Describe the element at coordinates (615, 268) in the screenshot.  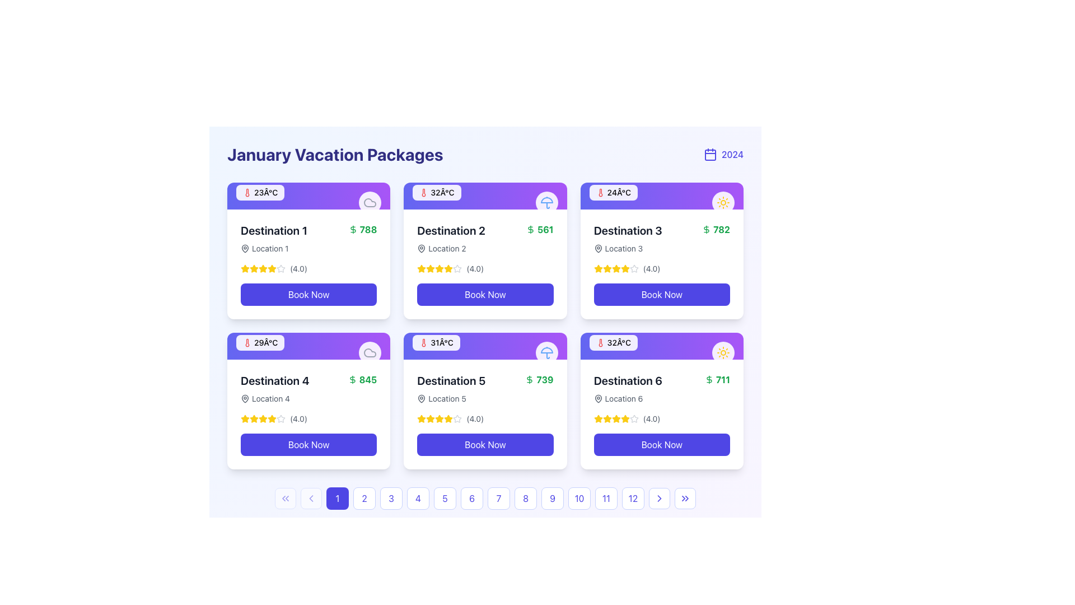
I see `the fourth star icon with a yellow fill in the rating system of the review section` at that location.